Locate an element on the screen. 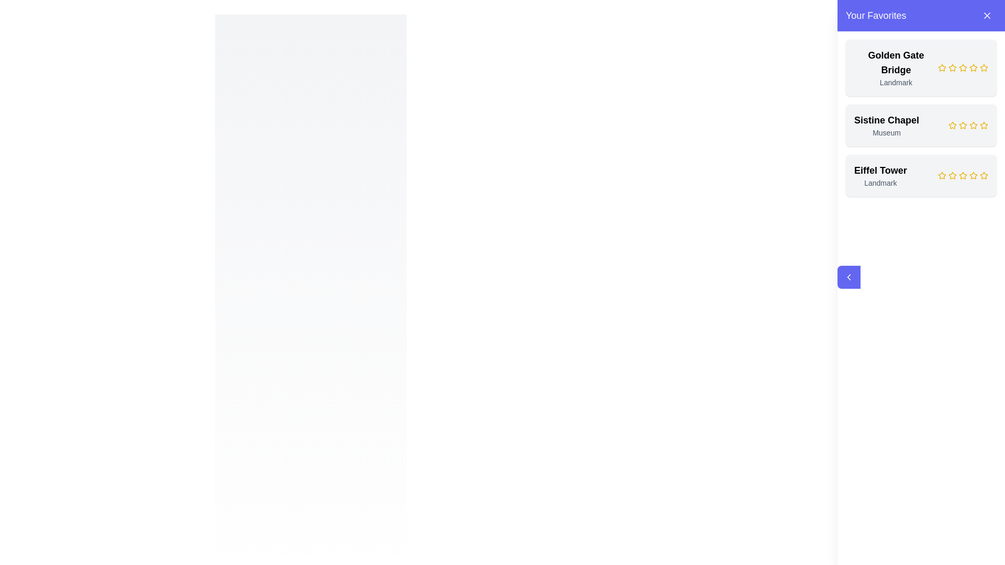 This screenshot has width=1005, height=565. the third yellow star icon representing a rating system for the 'Golden Gate Bridge' listing under 'Your Favorites' is located at coordinates (963, 67).